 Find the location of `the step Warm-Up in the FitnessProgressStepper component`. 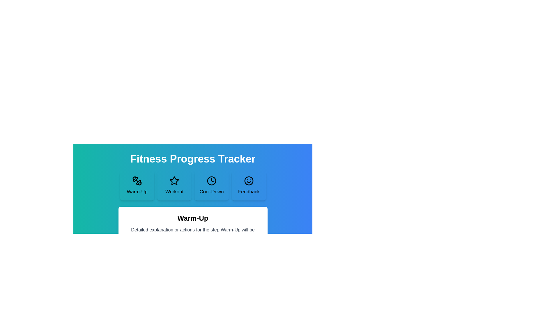

the step Warm-Up in the FitnessProgressStepper component is located at coordinates (137, 186).